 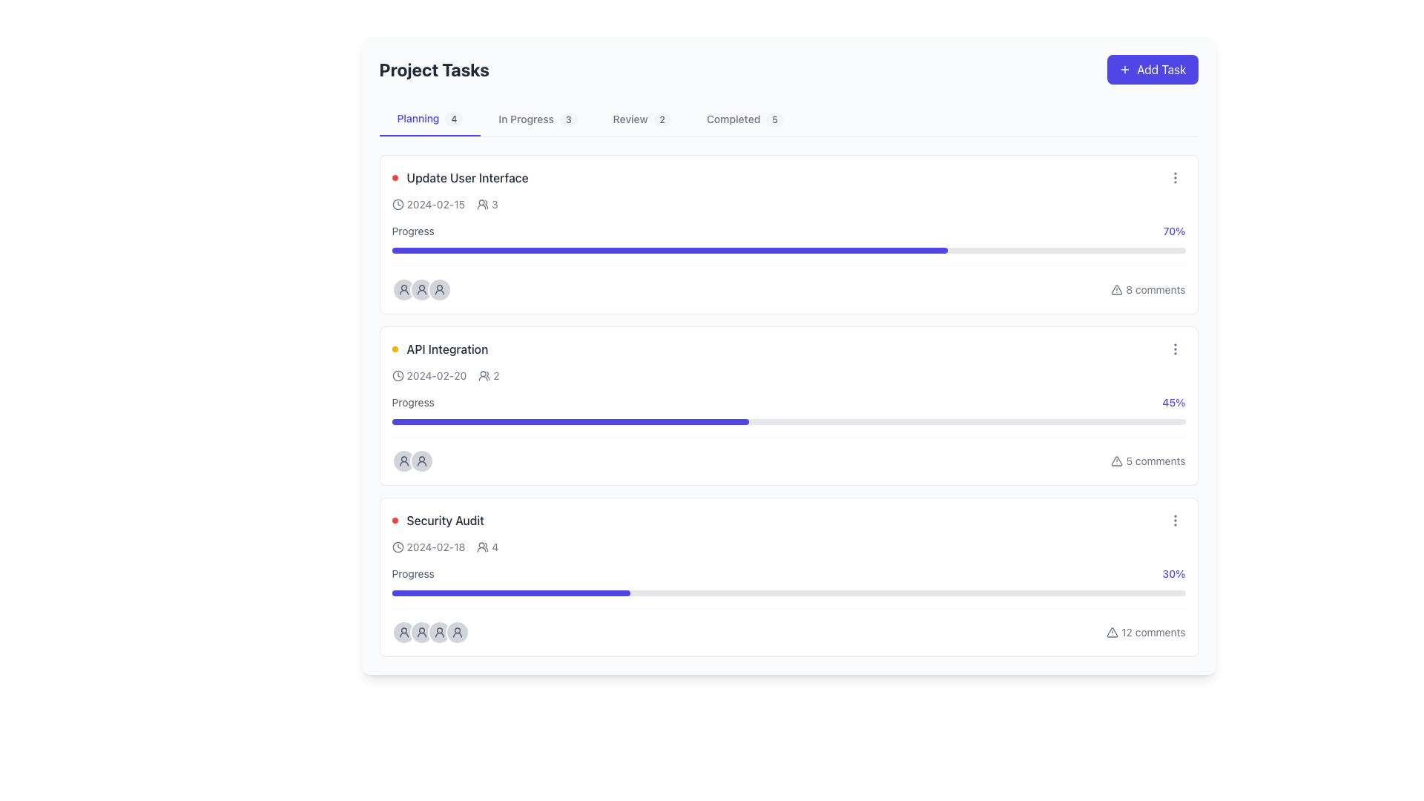 What do you see at coordinates (1117, 460) in the screenshot?
I see `the triangle-shaped warning icon with an exclamation mark, located to the left of the '5 comments' text under the 'API Integration' task section, to get details about the warning` at bounding box center [1117, 460].